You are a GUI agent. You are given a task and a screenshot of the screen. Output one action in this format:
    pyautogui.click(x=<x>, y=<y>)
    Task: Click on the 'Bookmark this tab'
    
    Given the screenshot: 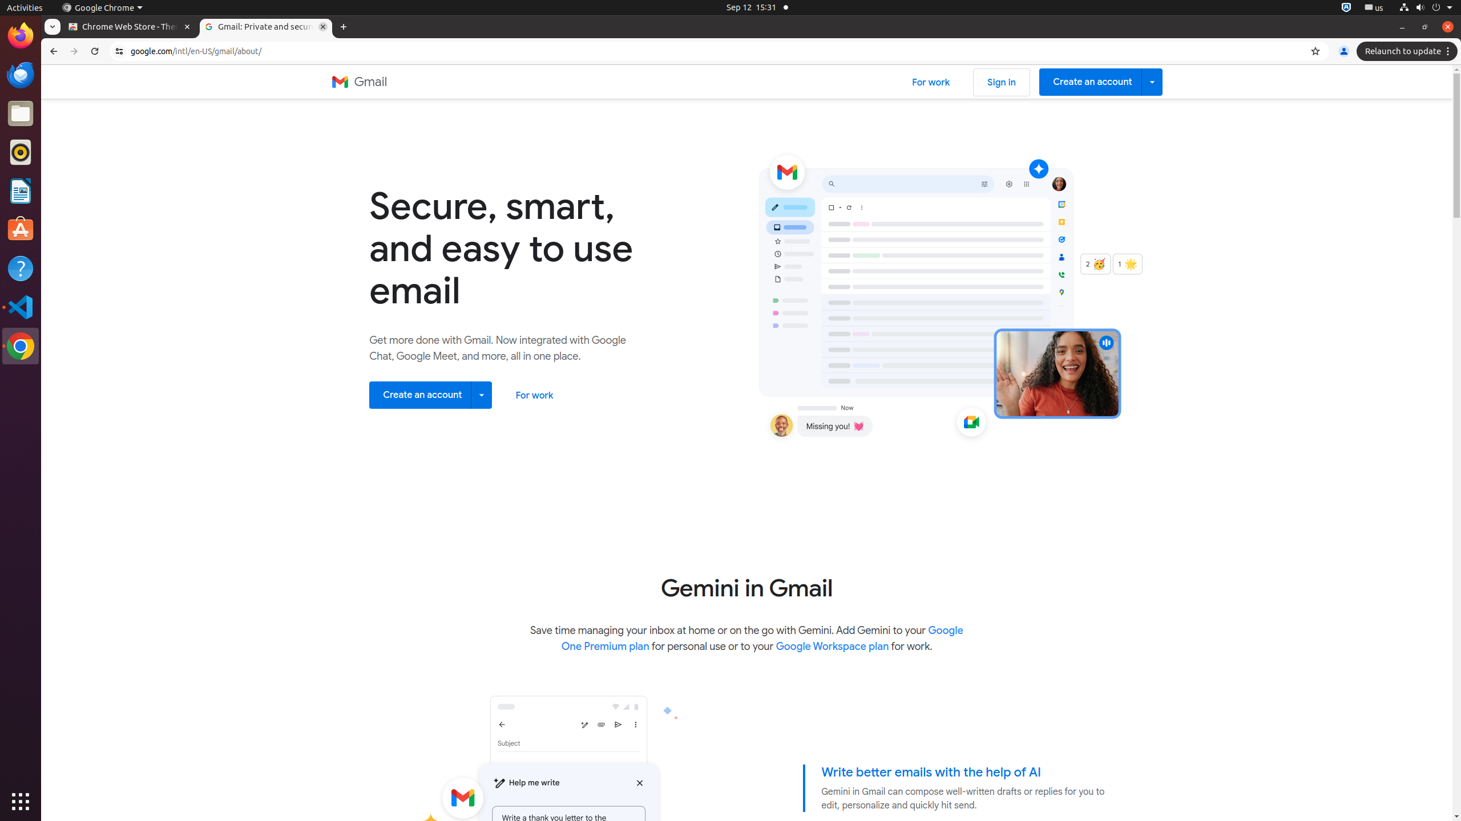 What is the action you would take?
    pyautogui.click(x=1315, y=51)
    